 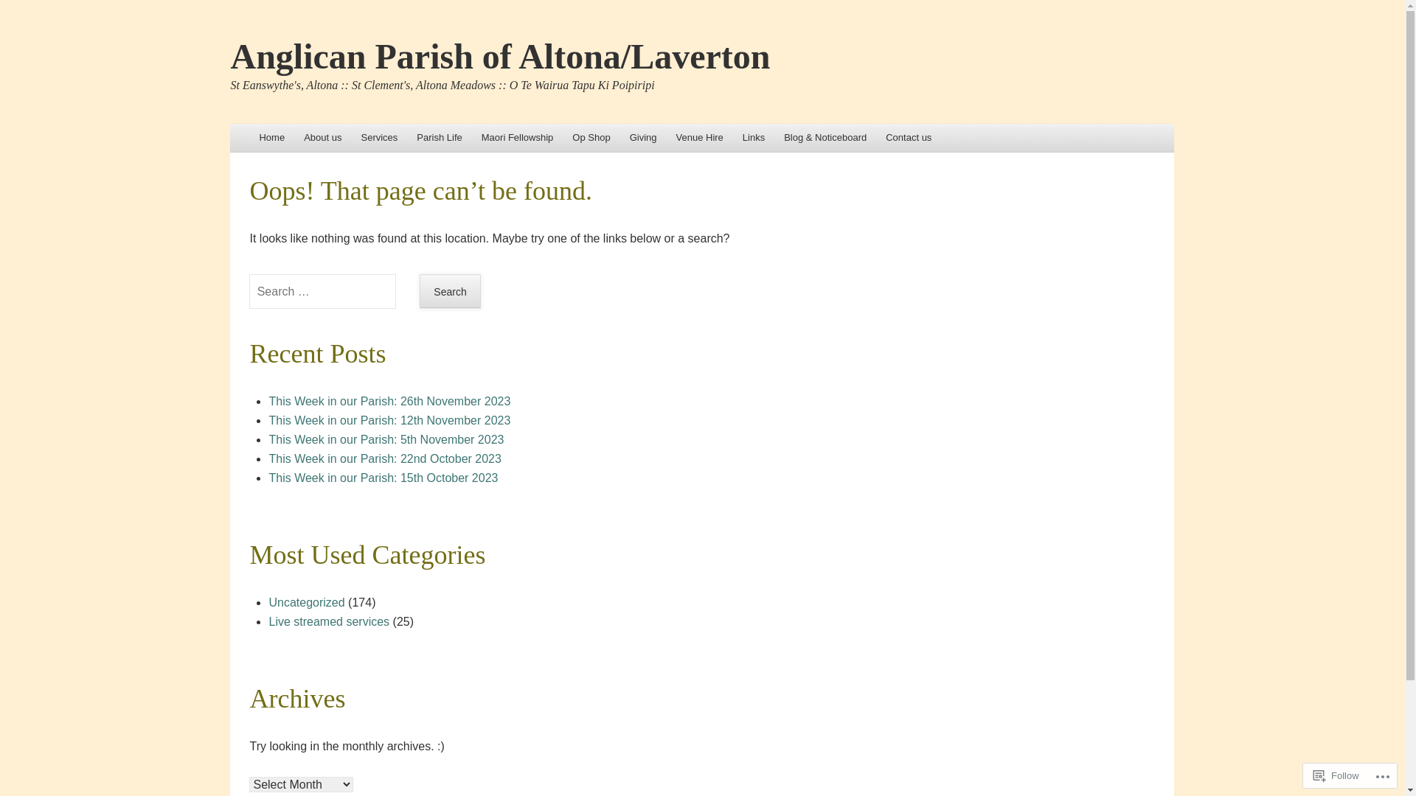 I want to click on 'This Week in our Parish: 12th November 2023', so click(x=389, y=420).